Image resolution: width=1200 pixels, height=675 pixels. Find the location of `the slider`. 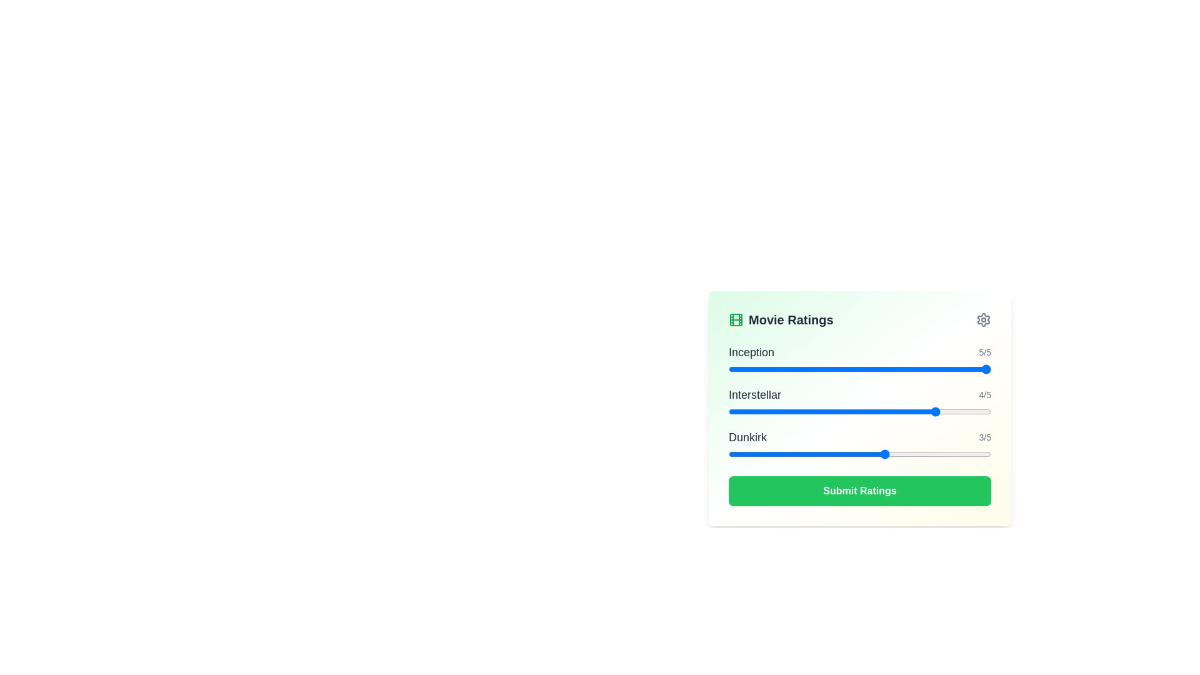

the slider is located at coordinates (834, 412).